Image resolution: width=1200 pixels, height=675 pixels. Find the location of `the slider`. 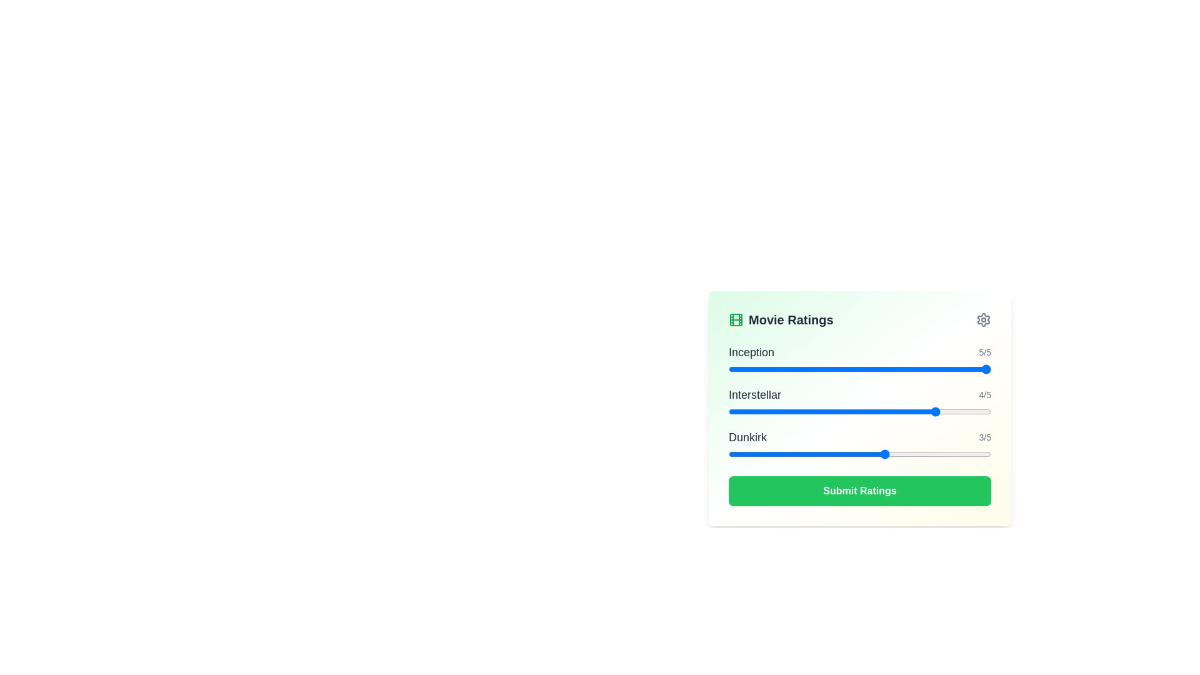

the slider is located at coordinates (834, 412).